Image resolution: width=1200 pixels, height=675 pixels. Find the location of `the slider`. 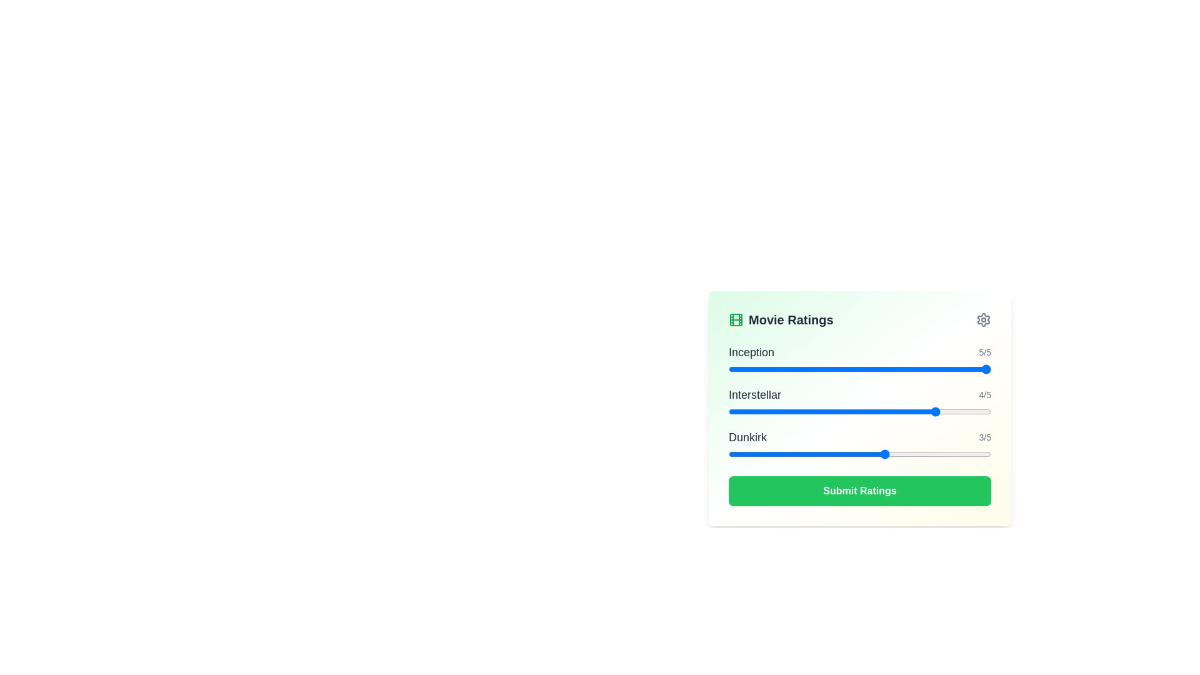

the slider is located at coordinates (834, 412).